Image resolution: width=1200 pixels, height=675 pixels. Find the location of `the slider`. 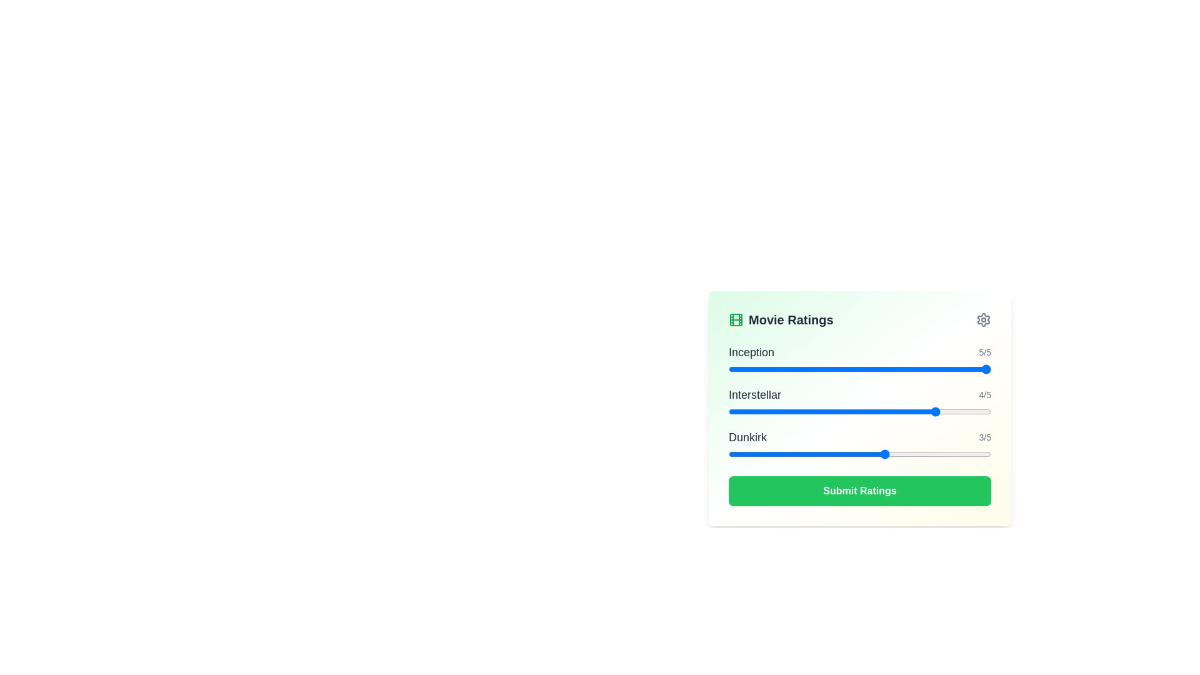

the slider is located at coordinates (834, 412).